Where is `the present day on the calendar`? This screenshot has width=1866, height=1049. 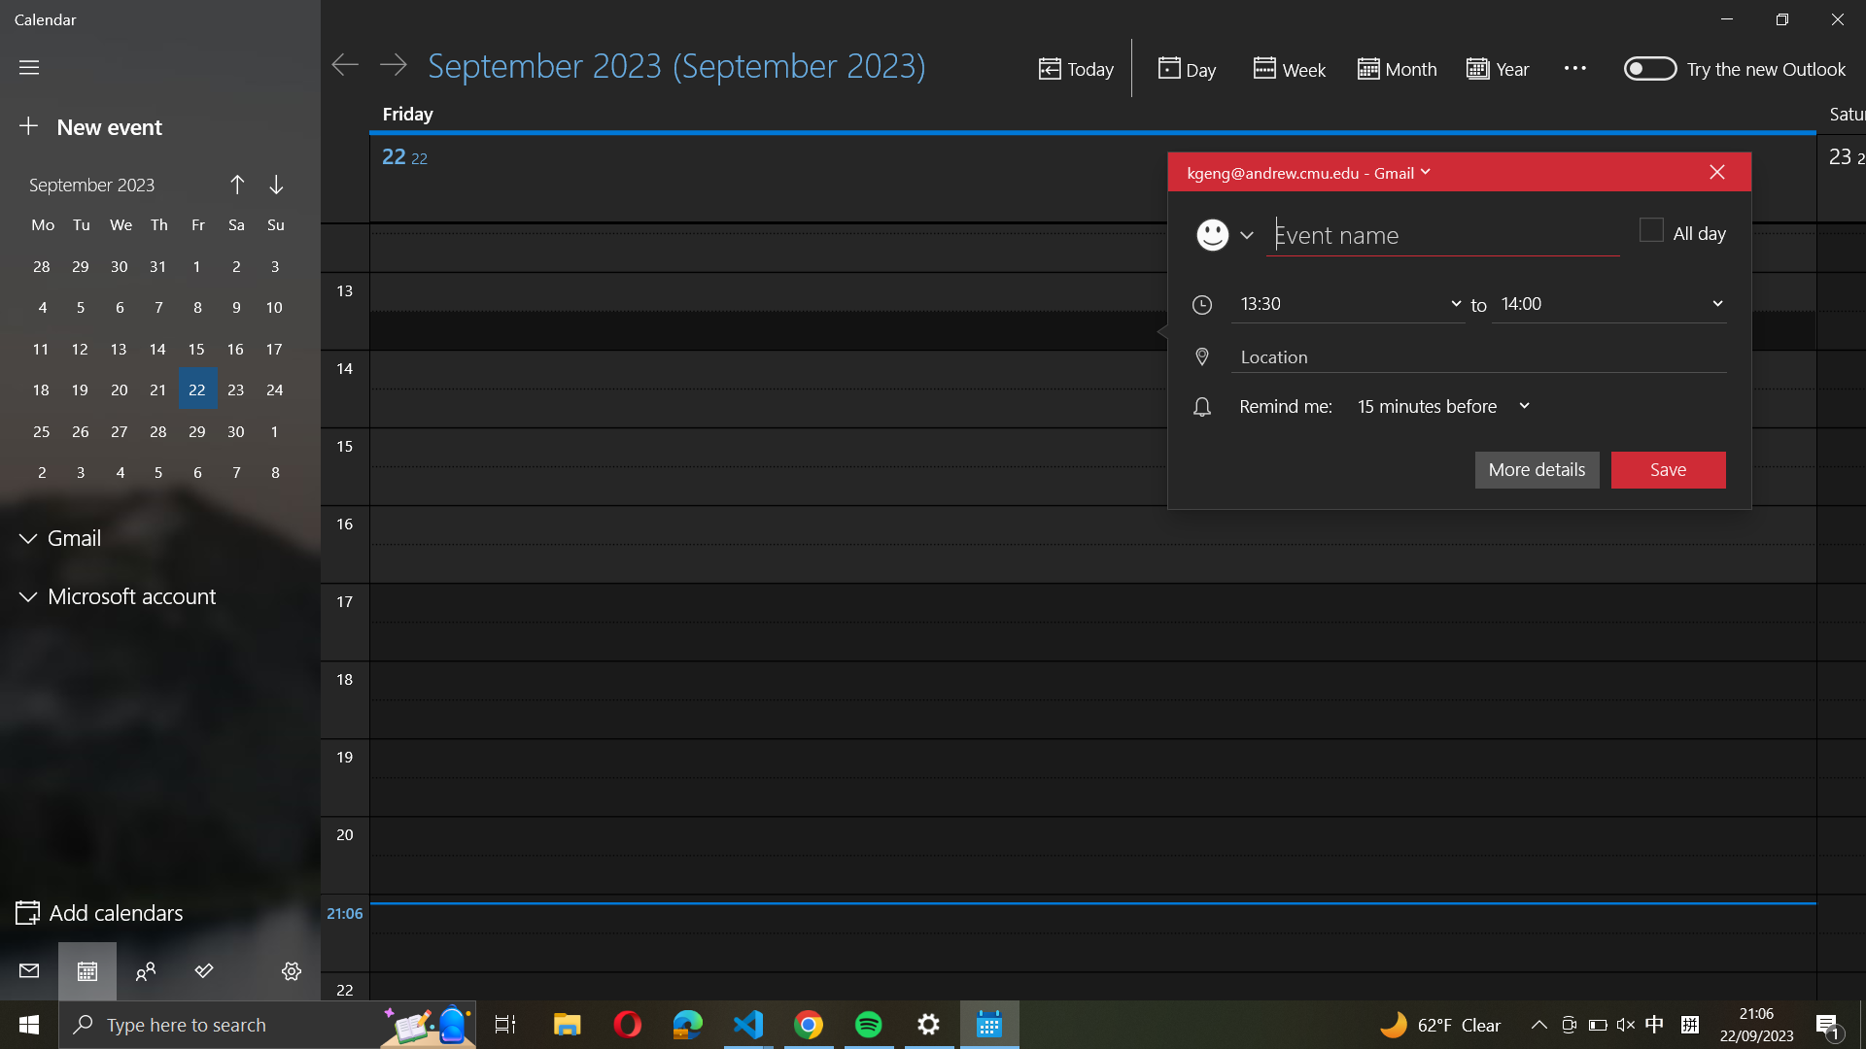
the present day on the calendar is located at coordinates (1074, 69).